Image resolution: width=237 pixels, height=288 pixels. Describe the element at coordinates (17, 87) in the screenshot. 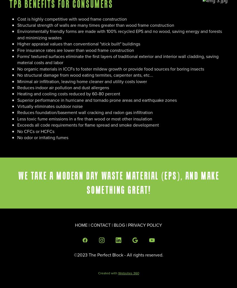

I see `'Reduces indoor air pollution and dust allergens'` at that location.